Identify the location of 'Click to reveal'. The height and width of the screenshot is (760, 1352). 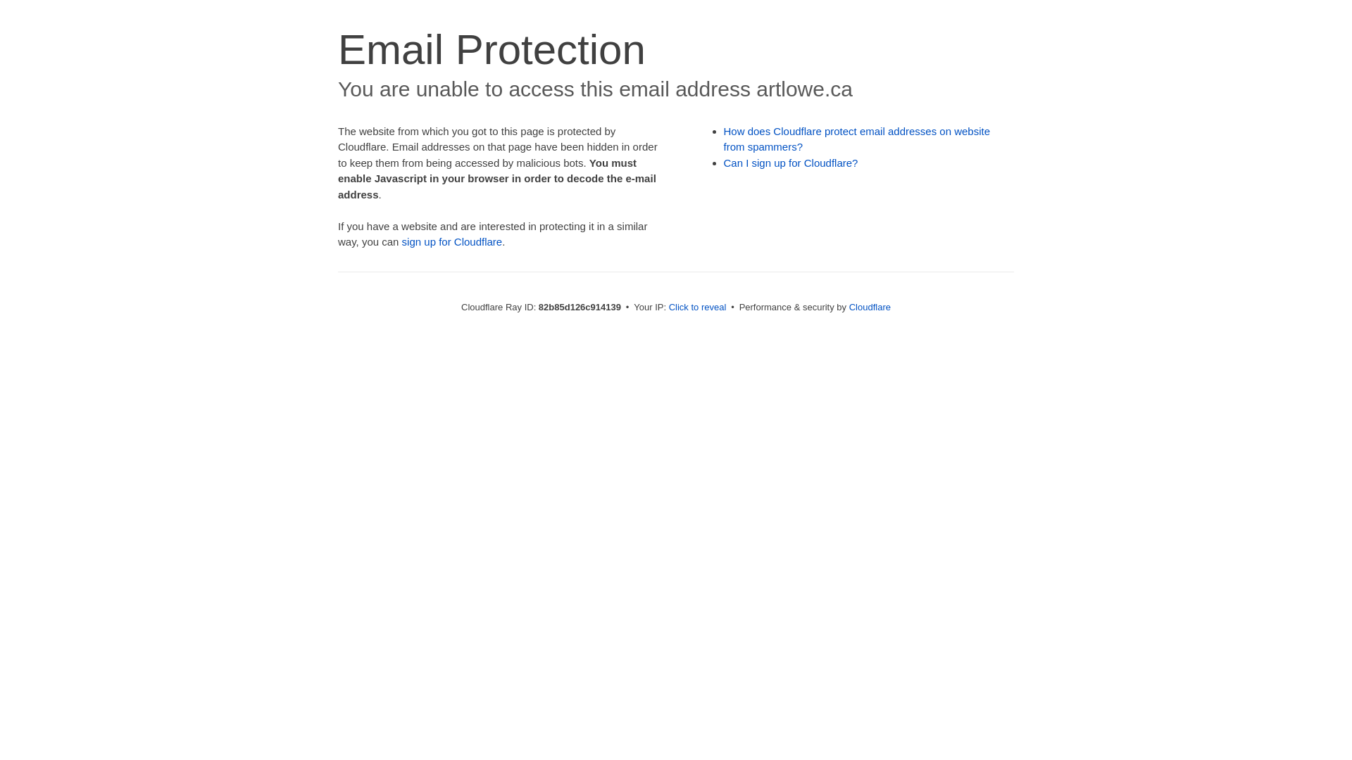
(697, 306).